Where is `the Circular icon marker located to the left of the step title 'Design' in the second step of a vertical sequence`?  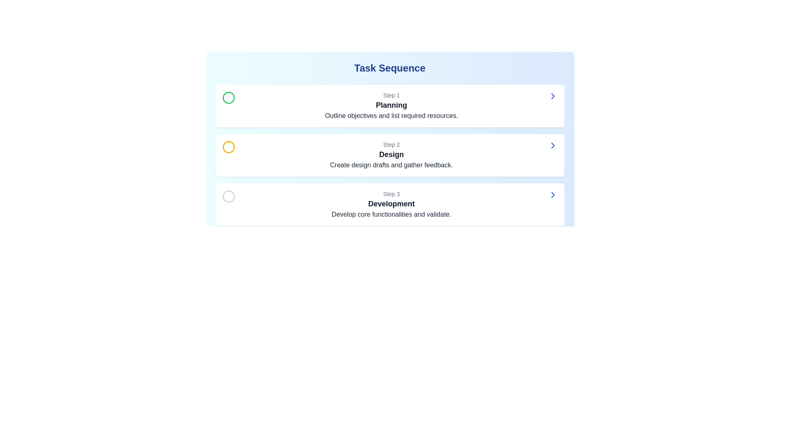
the Circular icon marker located to the left of the step title 'Design' in the second step of a vertical sequence is located at coordinates (228, 147).